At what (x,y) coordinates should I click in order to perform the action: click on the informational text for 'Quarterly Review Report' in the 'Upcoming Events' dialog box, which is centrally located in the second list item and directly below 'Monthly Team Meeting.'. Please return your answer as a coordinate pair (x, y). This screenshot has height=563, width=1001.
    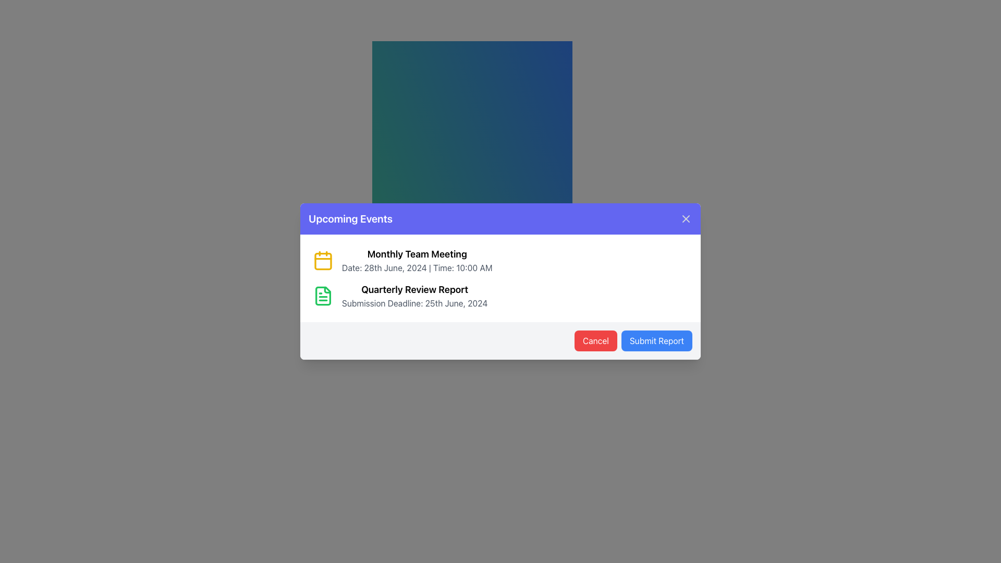
    Looking at the image, I should click on (414, 296).